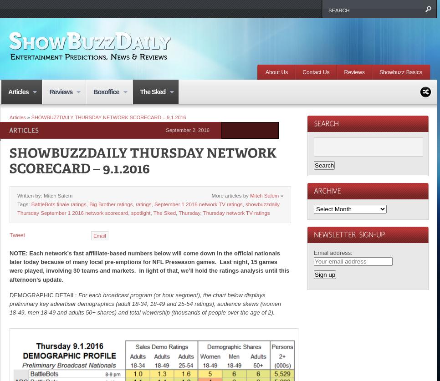 The image size is (440, 381). I want to click on 'Contact Us', so click(315, 72).